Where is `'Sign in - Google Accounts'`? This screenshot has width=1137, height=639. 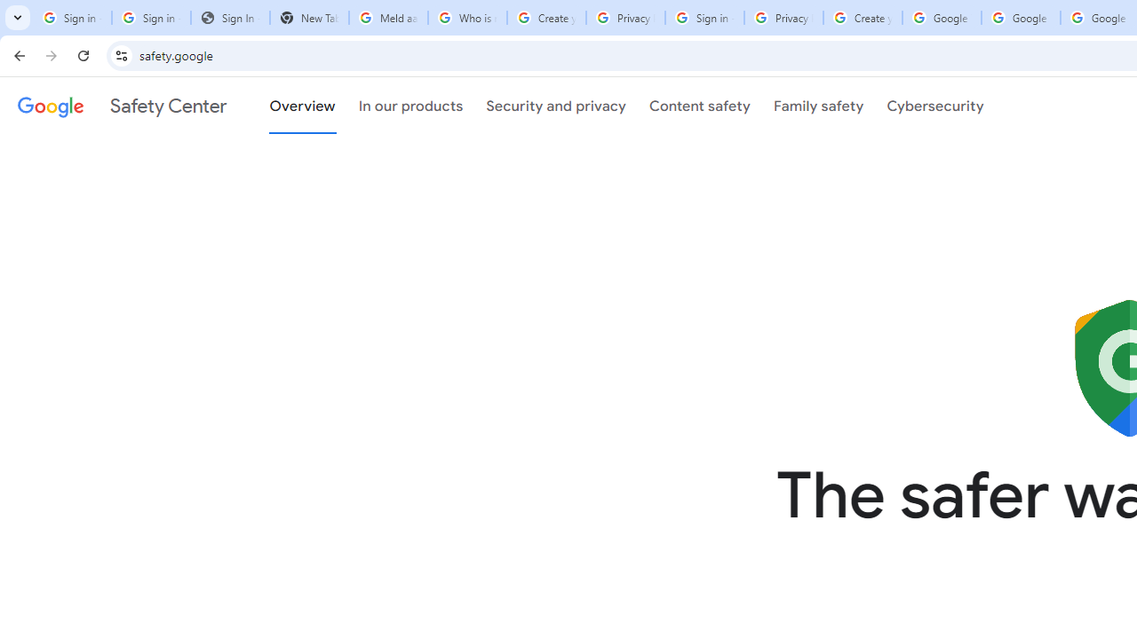 'Sign in - Google Accounts' is located at coordinates (151, 18).